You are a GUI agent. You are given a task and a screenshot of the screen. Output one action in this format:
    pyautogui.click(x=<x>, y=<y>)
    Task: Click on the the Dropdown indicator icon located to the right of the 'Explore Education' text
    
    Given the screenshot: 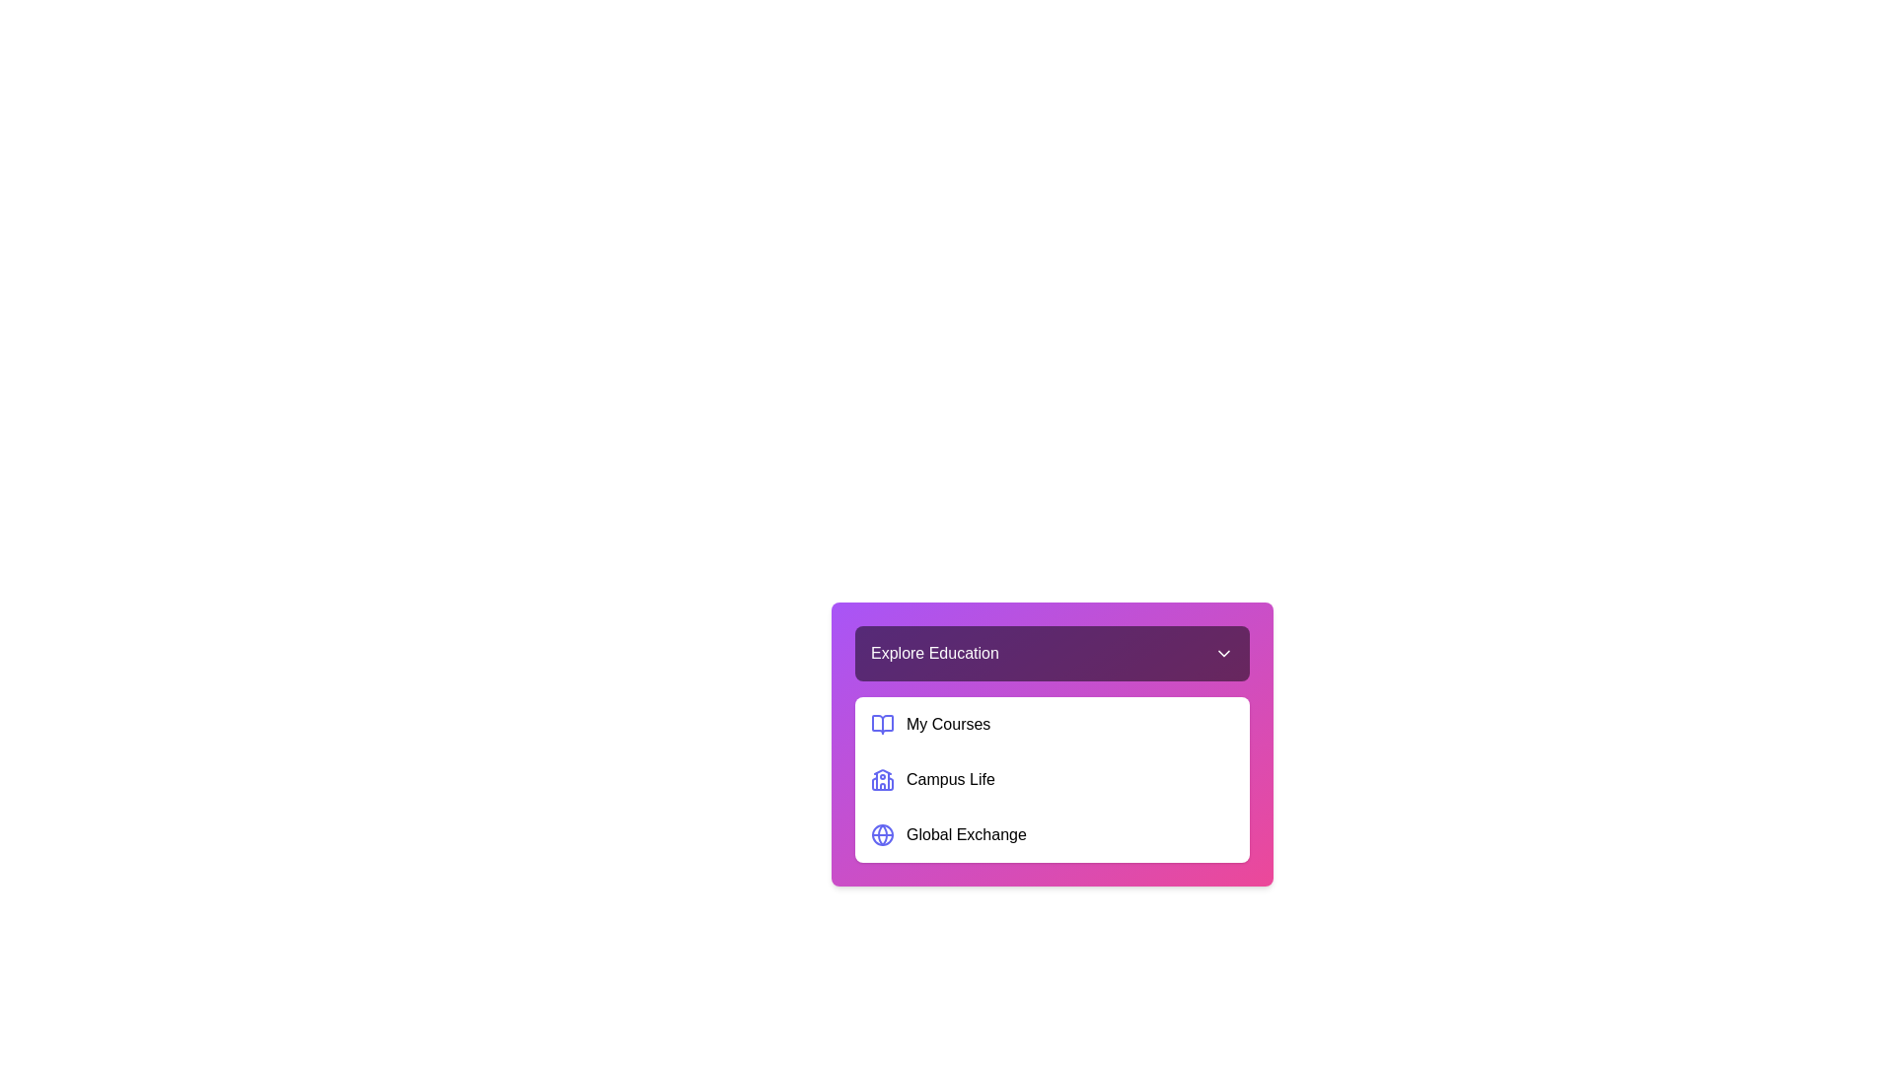 What is the action you would take?
    pyautogui.click(x=1223, y=654)
    